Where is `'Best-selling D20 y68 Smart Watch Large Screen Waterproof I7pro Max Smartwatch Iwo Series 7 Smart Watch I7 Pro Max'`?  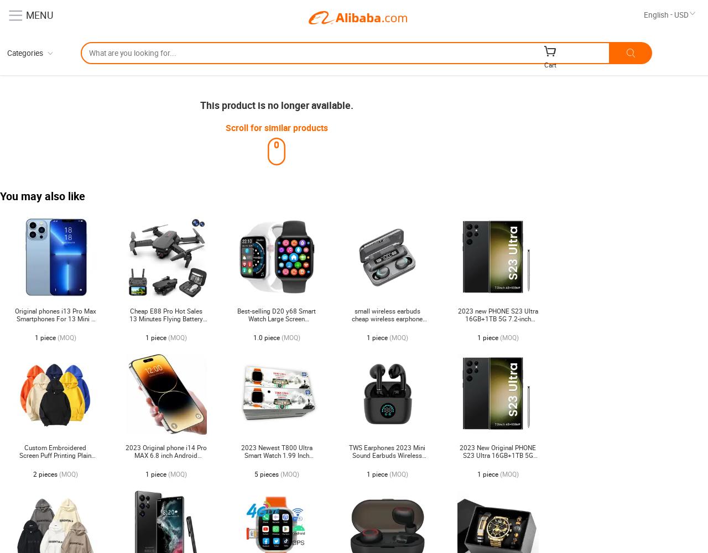 'Best-selling D20 y68 Smart Watch Large Screen Waterproof I7pro Max Smartwatch Iwo Series 7 Smart Watch I7 Pro Max' is located at coordinates (276, 326).